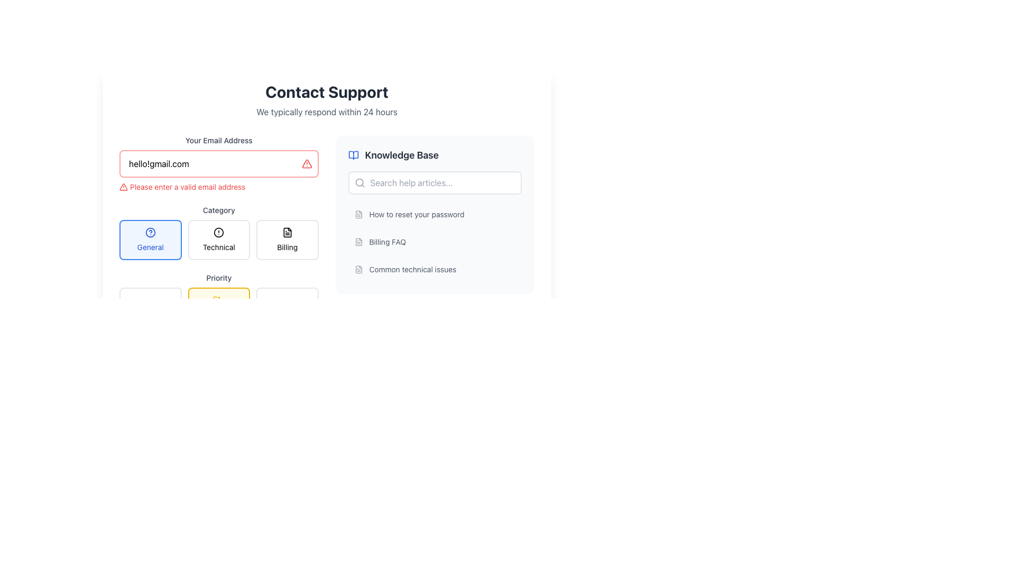 The height and width of the screenshot is (571, 1015). What do you see at coordinates (150, 232) in the screenshot?
I see `the circular icon within the 'General' button in the 'Category' section of the selection interface` at bounding box center [150, 232].